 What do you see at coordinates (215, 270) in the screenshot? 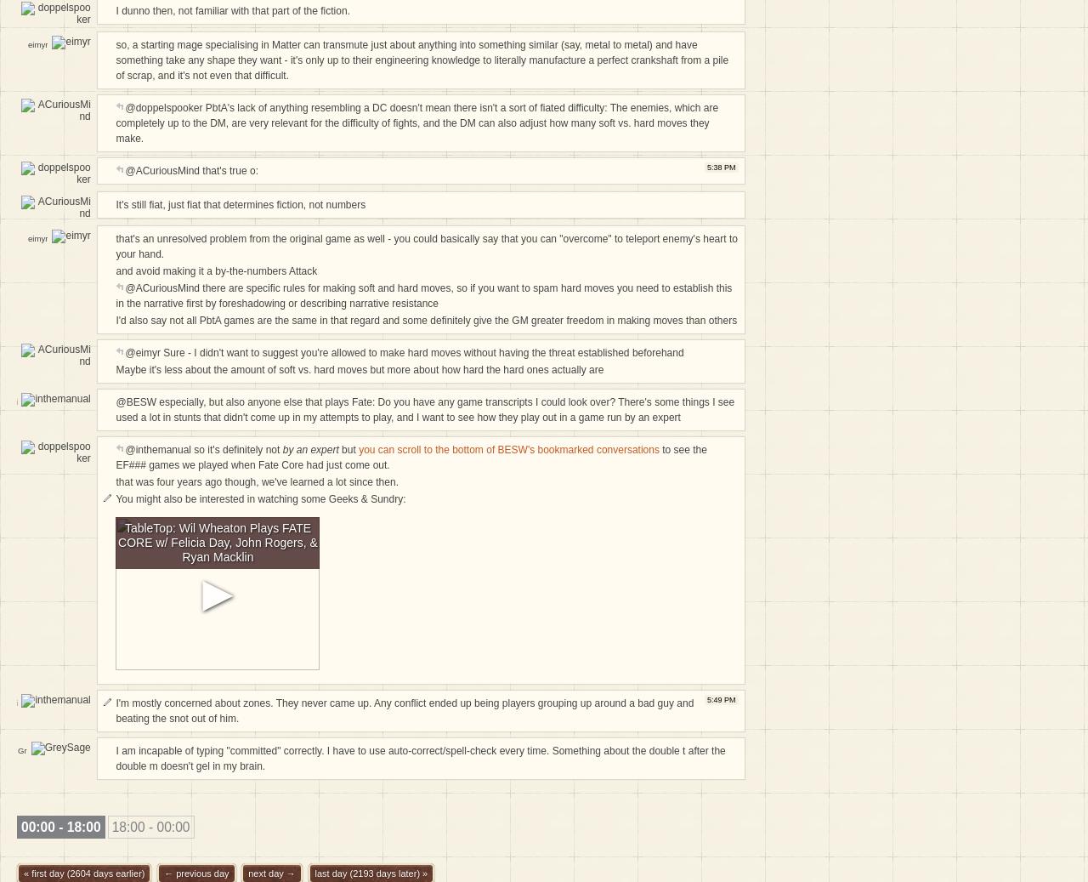
I see `'and avoid making it a by-the-numbers Attack'` at bounding box center [215, 270].